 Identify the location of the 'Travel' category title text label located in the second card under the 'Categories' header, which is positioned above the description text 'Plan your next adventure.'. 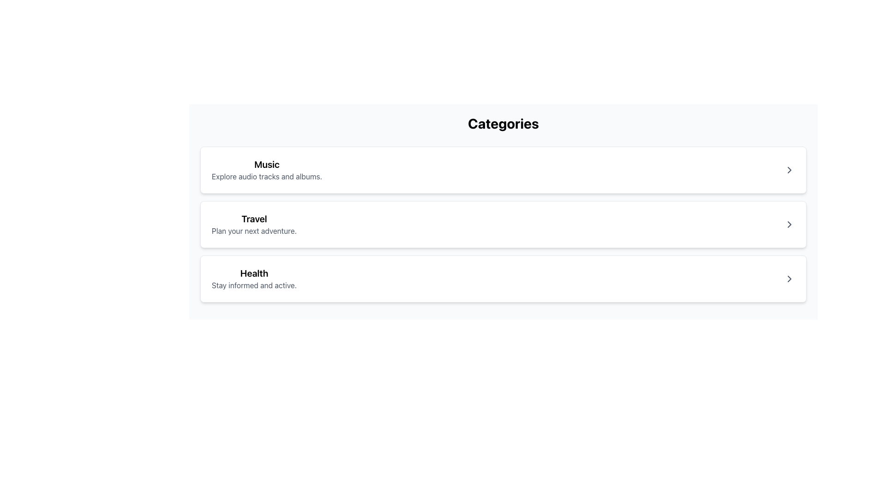
(254, 219).